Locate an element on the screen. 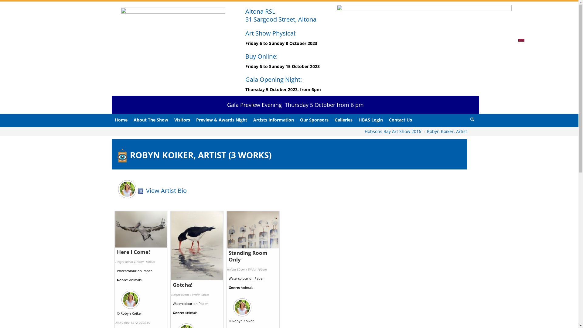 This screenshot has width=583, height=328. 'Artists Information' is located at coordinates (273, 120).